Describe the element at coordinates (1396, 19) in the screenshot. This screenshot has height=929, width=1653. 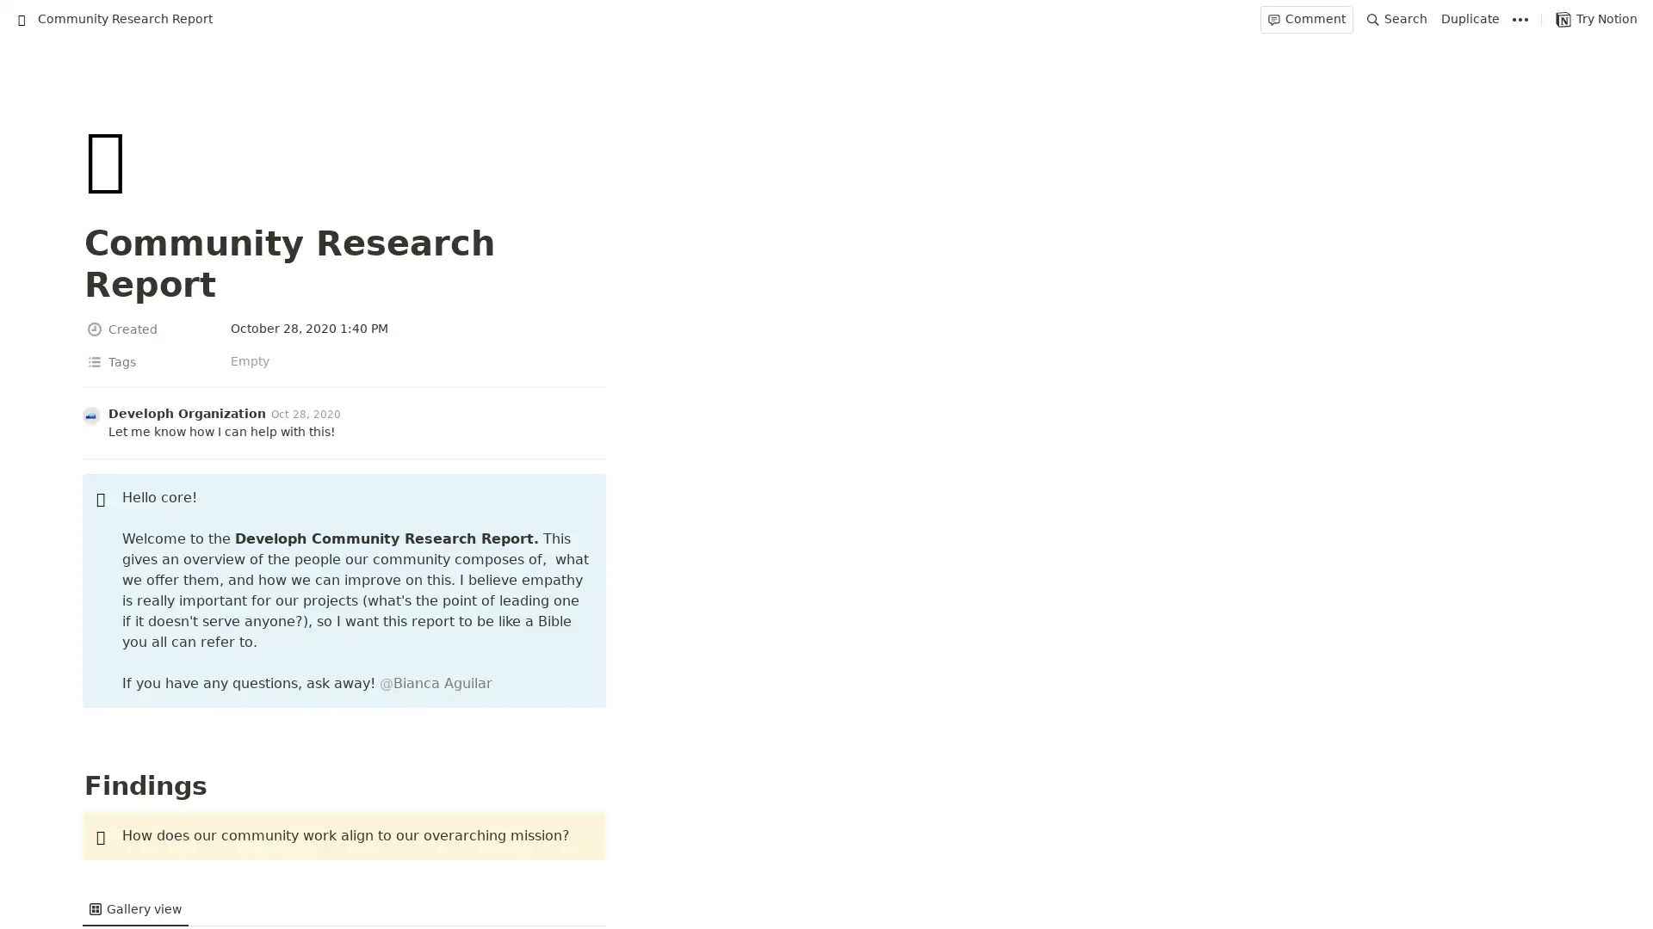
I see `Search` at that location.